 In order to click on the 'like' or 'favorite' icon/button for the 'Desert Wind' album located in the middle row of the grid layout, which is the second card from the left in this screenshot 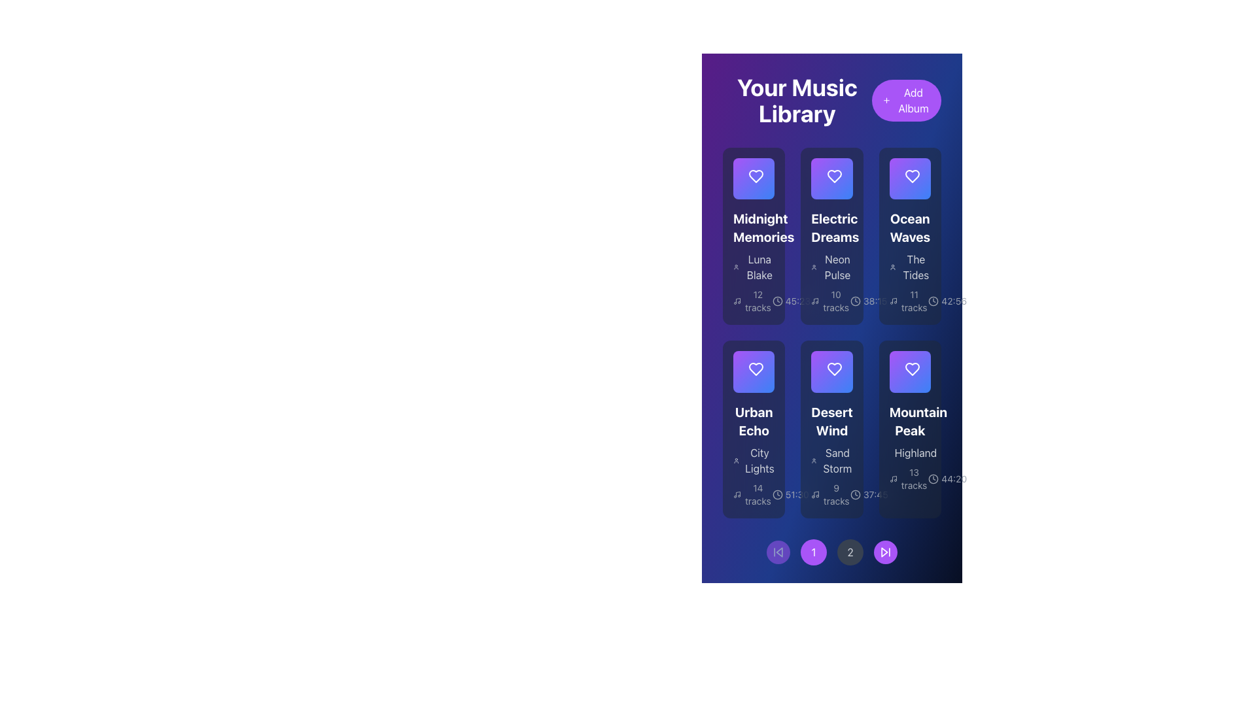, I will do `click(833, 371)`.